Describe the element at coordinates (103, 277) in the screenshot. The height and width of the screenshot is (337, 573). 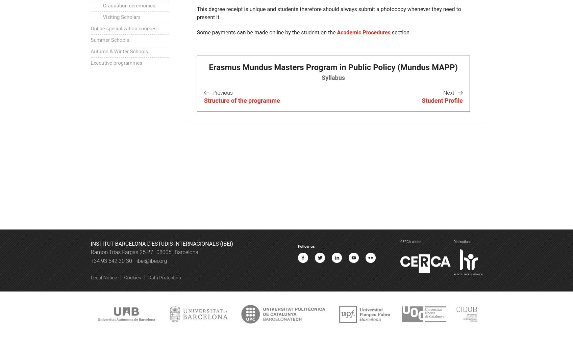
I see `'Legal Notice'` at that location.